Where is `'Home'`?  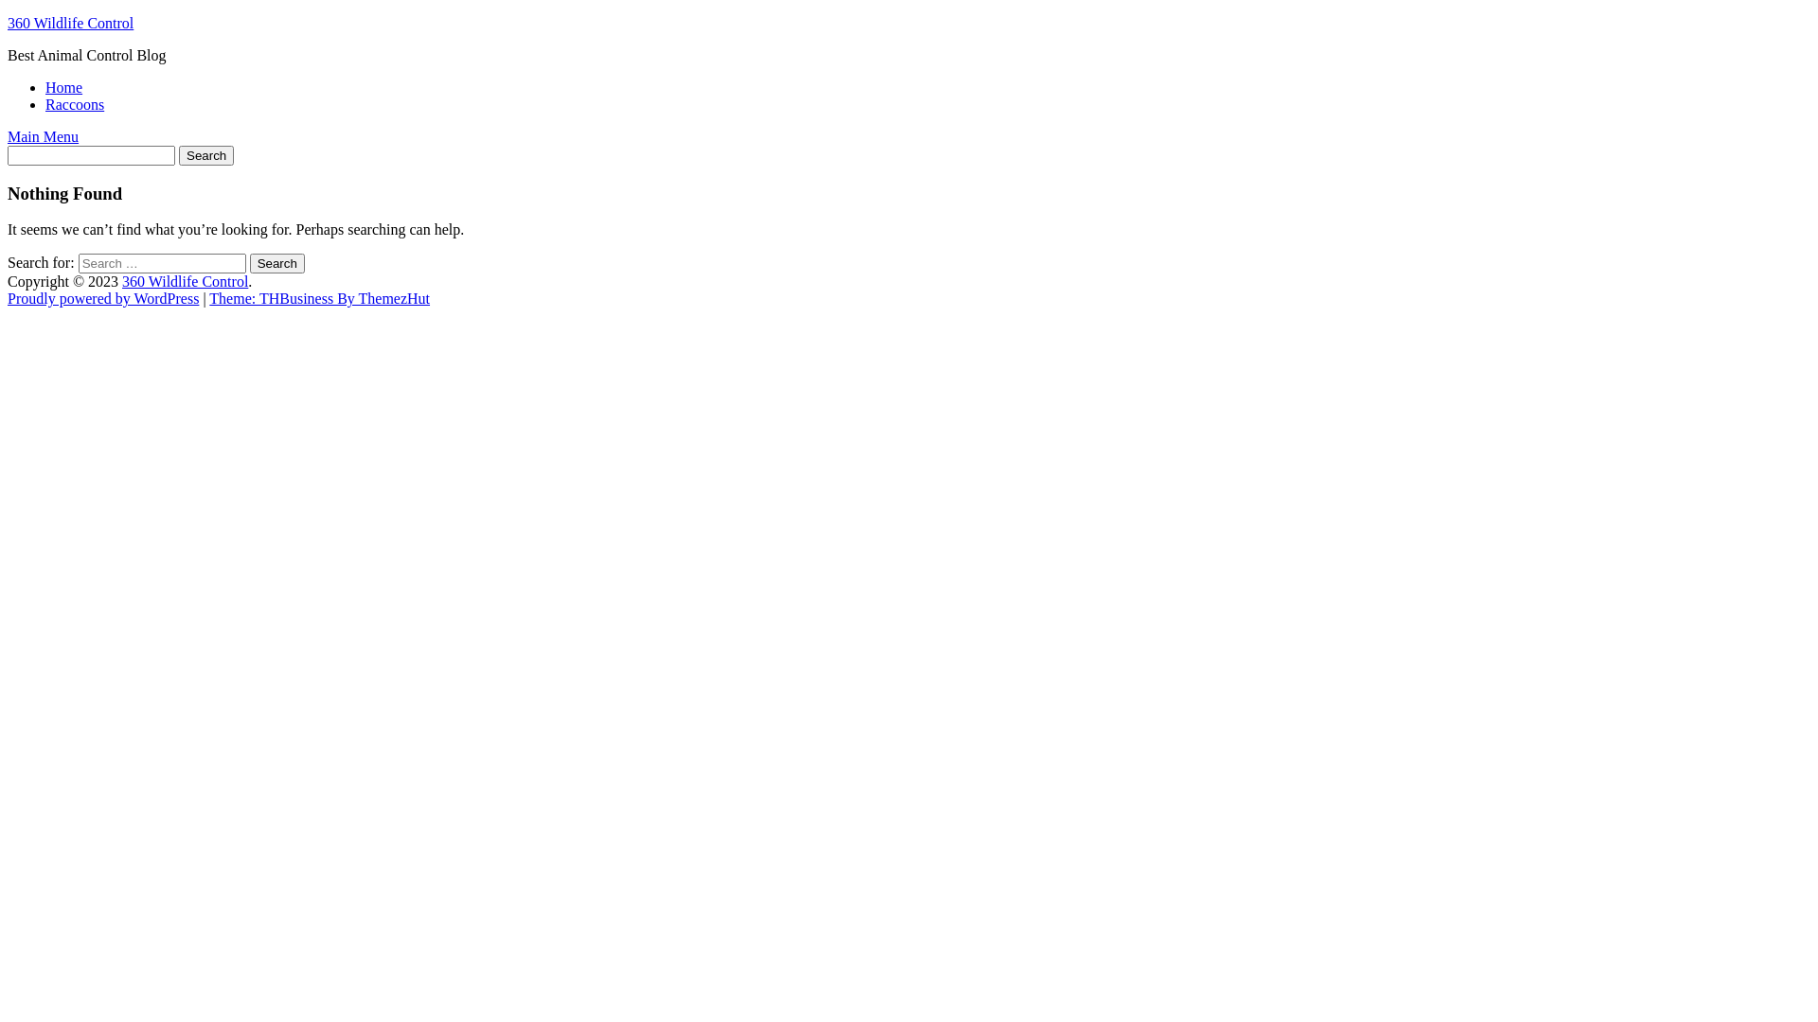 'Home' is located at coordinates (63, 87).